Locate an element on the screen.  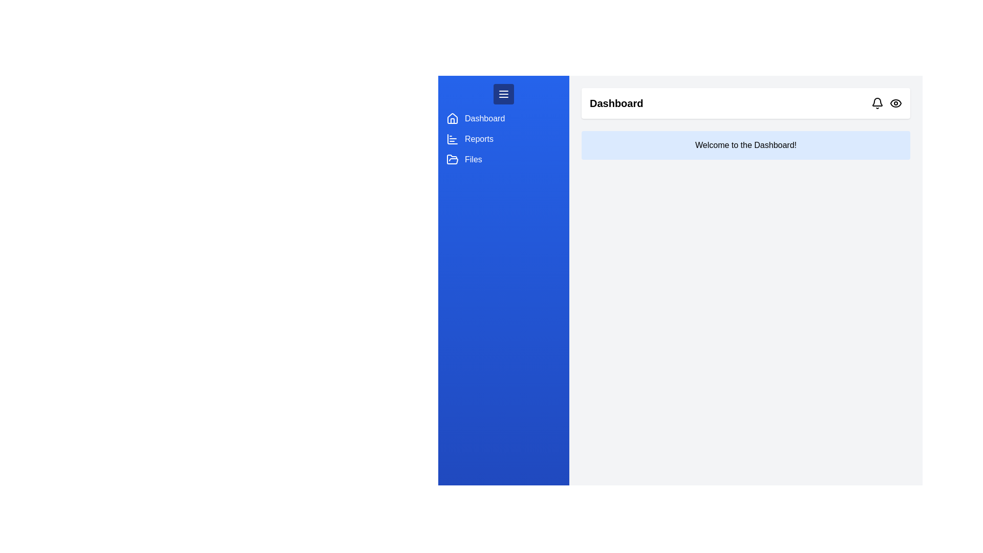
the menu/hamburger icon located at the top-left corner of the interface is located at coordinates (503, 94).